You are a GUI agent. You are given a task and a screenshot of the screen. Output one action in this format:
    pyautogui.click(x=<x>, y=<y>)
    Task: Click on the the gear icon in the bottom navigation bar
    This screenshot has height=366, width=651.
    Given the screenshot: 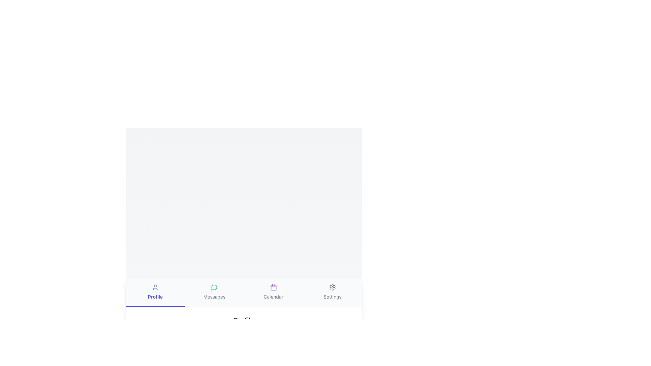 What is the action you would take?
    pyautogui.click(x=332, y=287)
    